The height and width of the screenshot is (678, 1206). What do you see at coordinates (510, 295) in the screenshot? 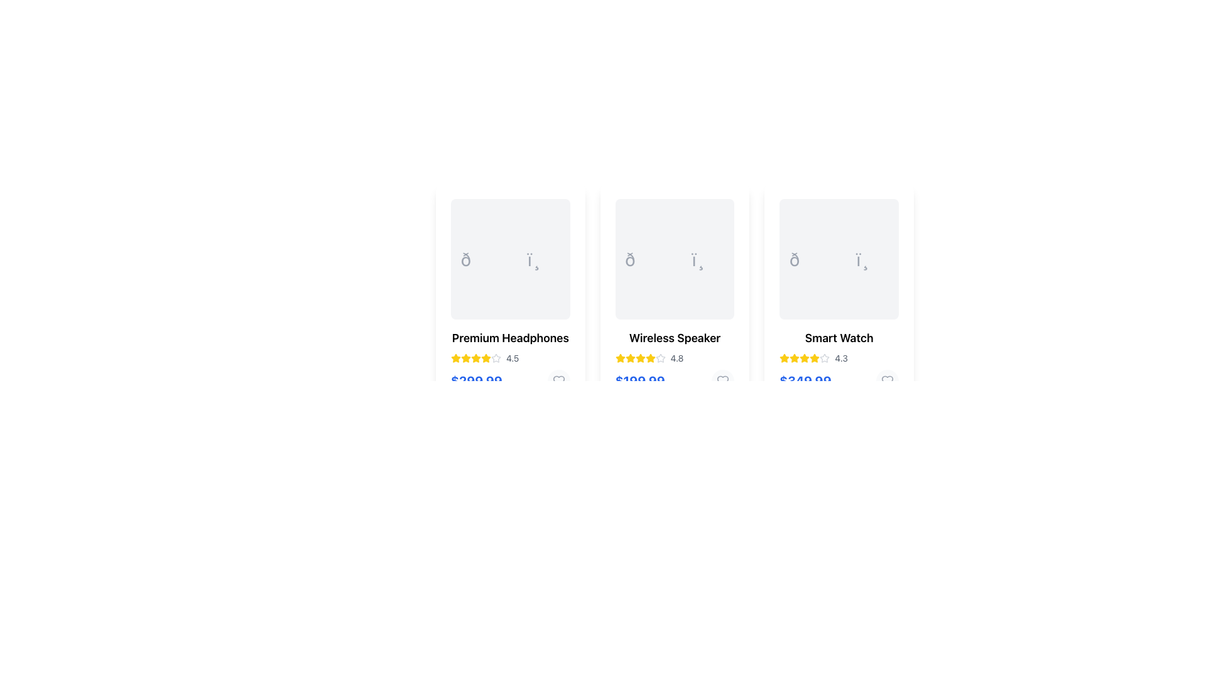
I see `the first product display card in the top-left corner of the grid layout` at bounding box center [510, 295].